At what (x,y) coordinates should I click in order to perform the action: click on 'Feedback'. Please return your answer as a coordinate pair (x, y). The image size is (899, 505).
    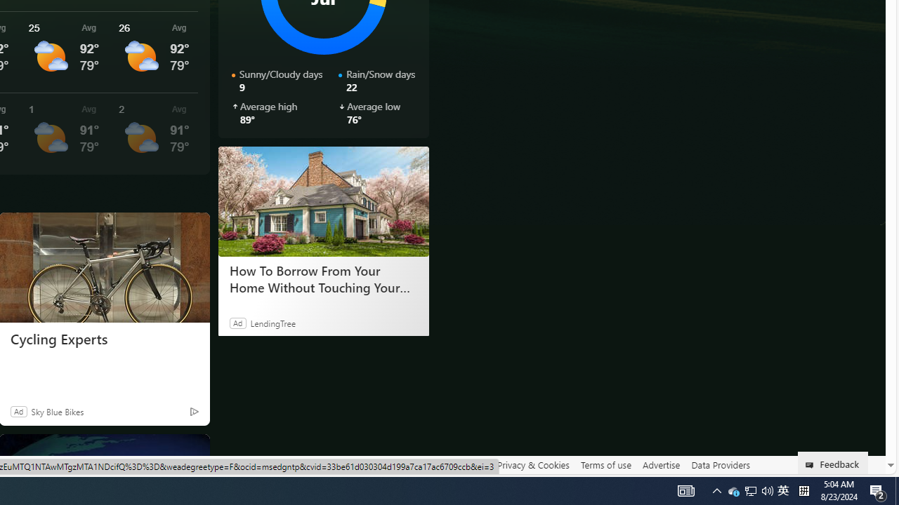
    Looking at the image, I should click on (833, 462).